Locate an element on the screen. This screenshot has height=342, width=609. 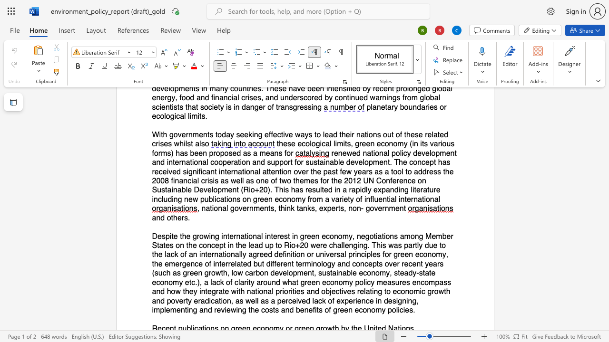
the 12th character "g" in the text is located at coordinates (185, 273).